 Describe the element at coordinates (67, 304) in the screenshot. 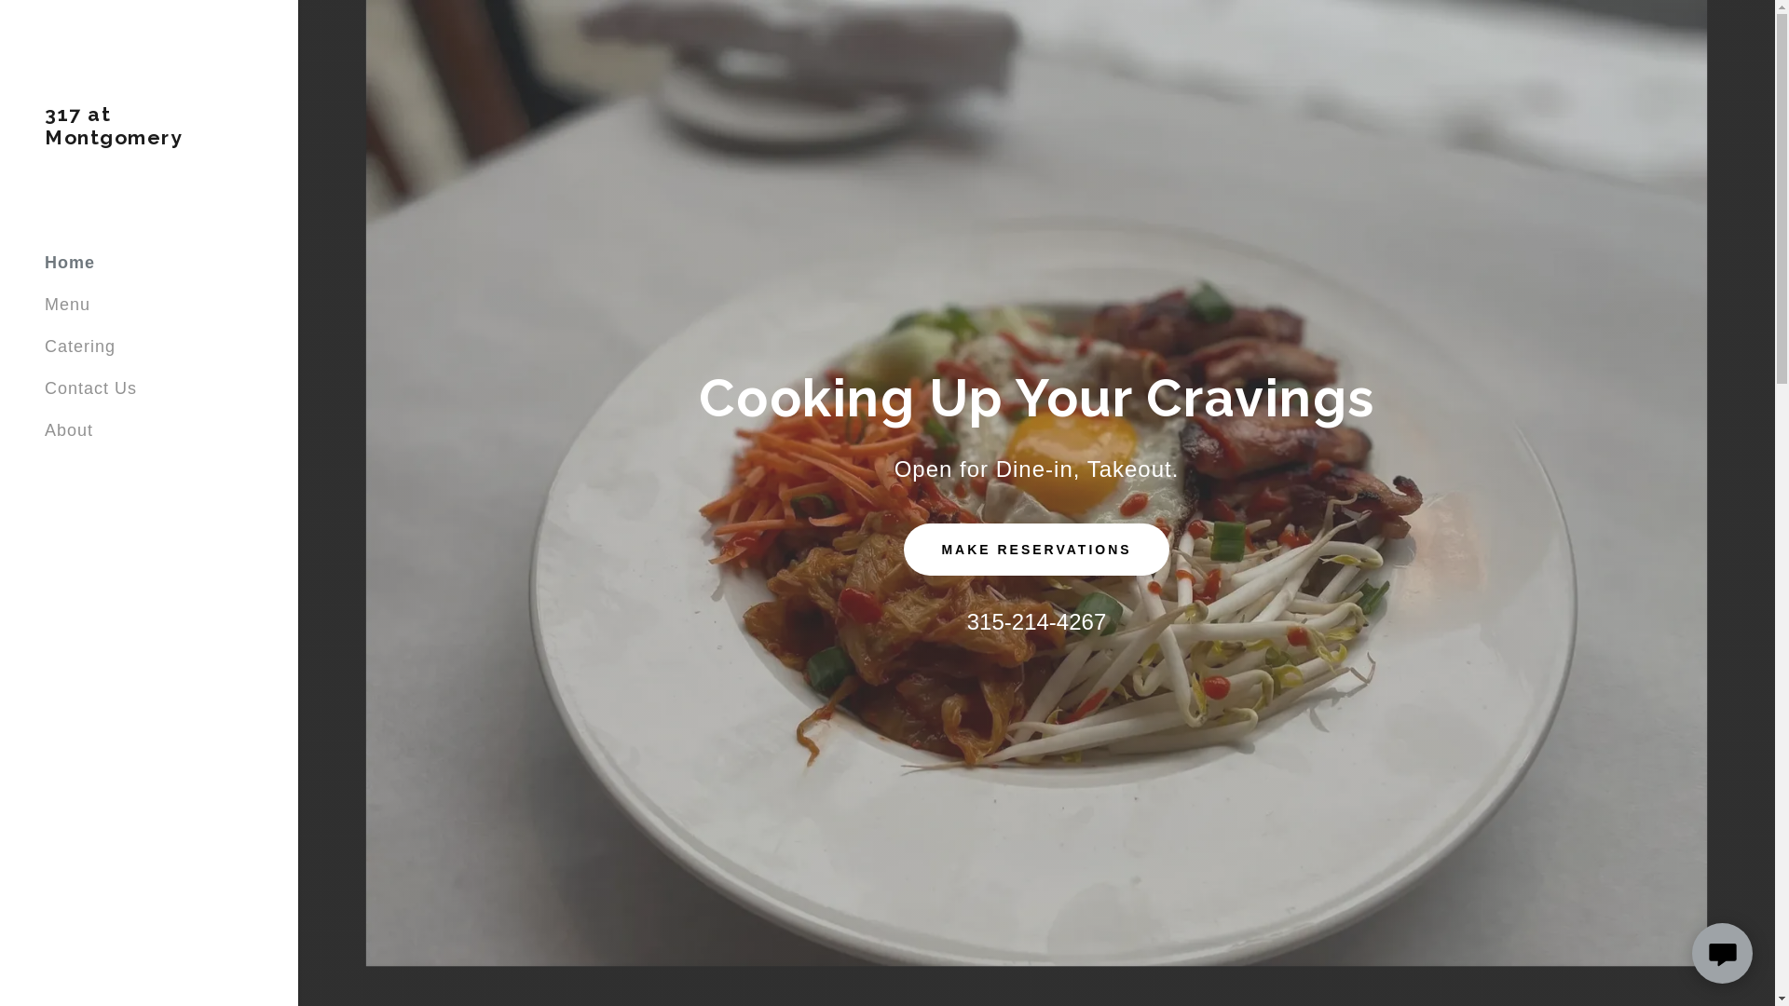

I see `'Menu'` at that location.